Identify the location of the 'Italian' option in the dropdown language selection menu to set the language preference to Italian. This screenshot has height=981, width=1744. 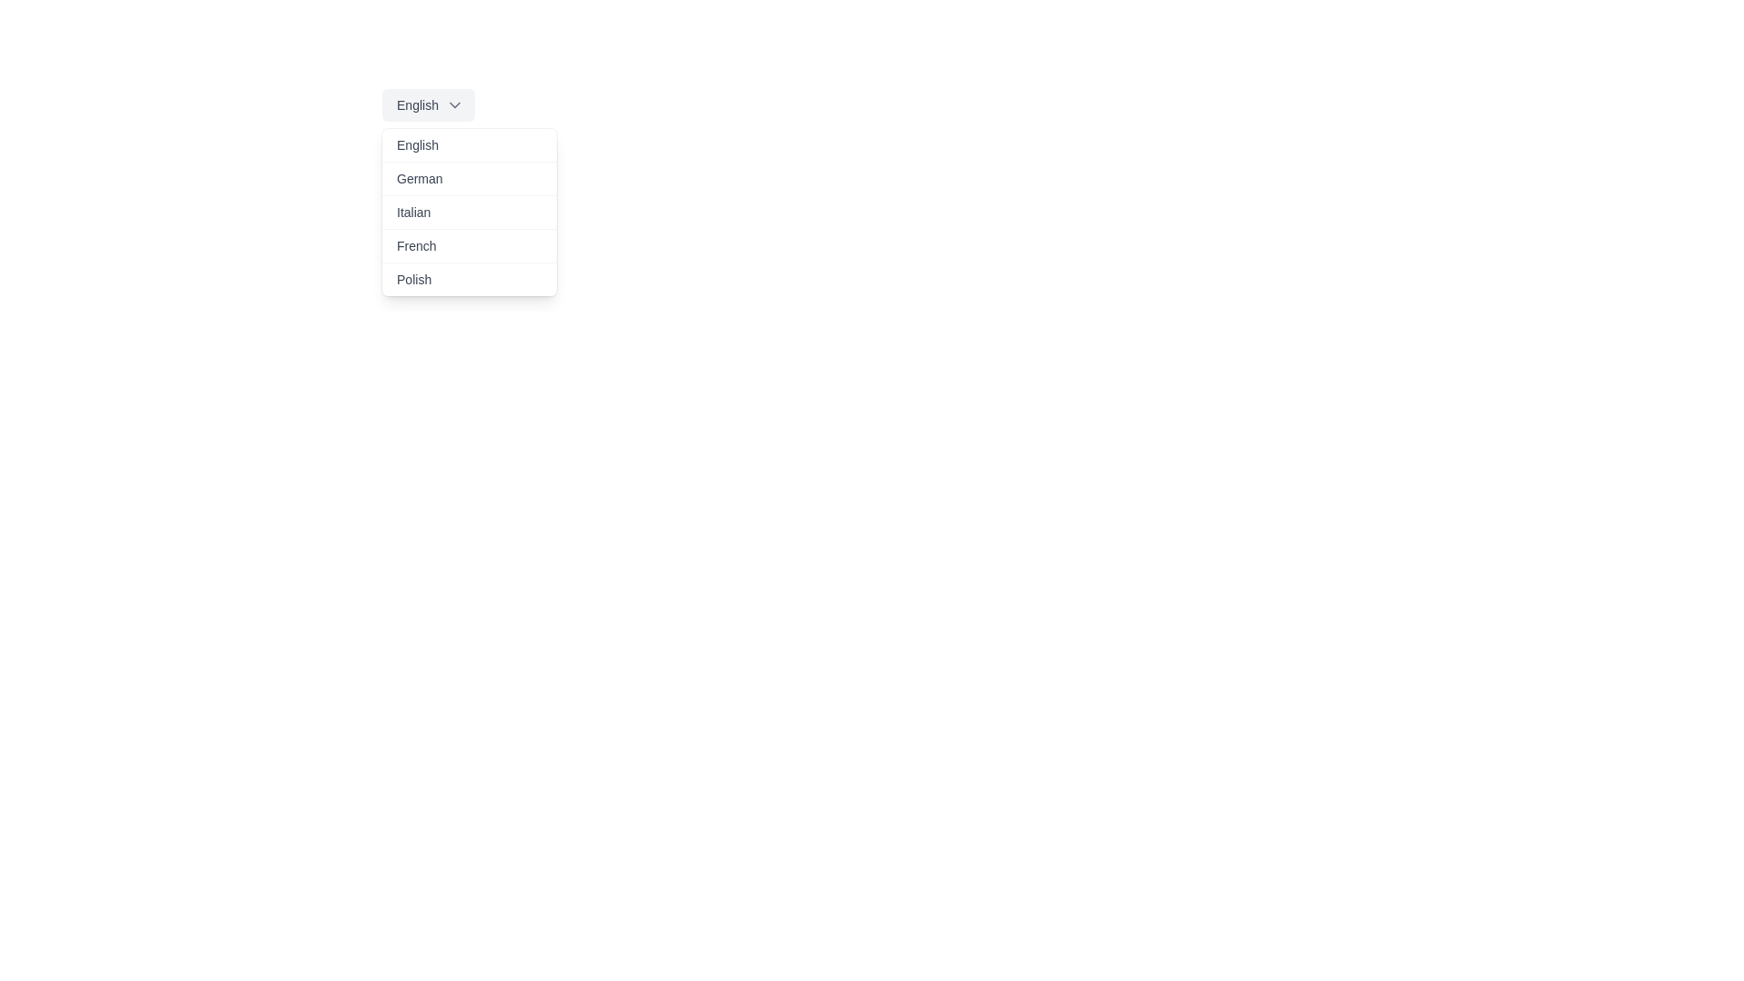
(470, 212).